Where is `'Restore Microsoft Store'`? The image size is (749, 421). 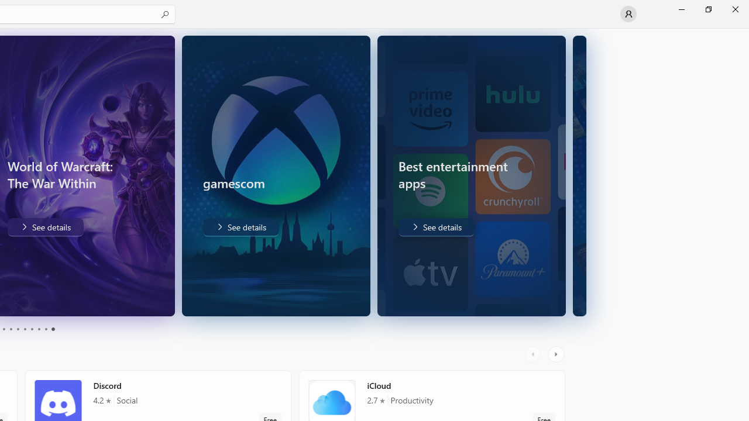
'Restore Microsoft Store' is located at coordinates (707, 9).